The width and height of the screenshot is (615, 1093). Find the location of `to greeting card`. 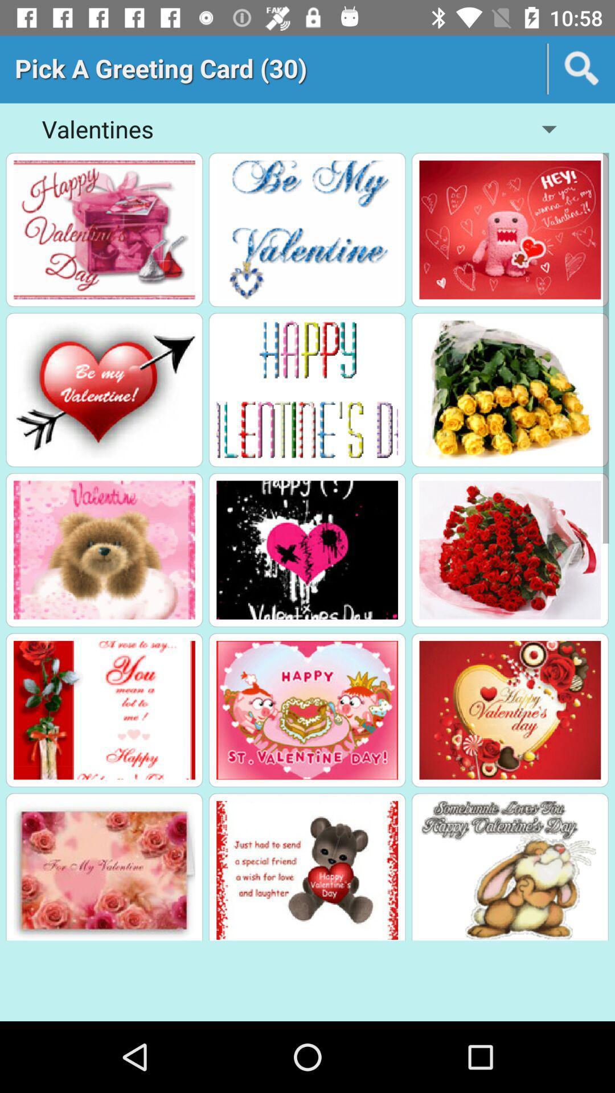

to greeting card is located at coordinates (509, 229).